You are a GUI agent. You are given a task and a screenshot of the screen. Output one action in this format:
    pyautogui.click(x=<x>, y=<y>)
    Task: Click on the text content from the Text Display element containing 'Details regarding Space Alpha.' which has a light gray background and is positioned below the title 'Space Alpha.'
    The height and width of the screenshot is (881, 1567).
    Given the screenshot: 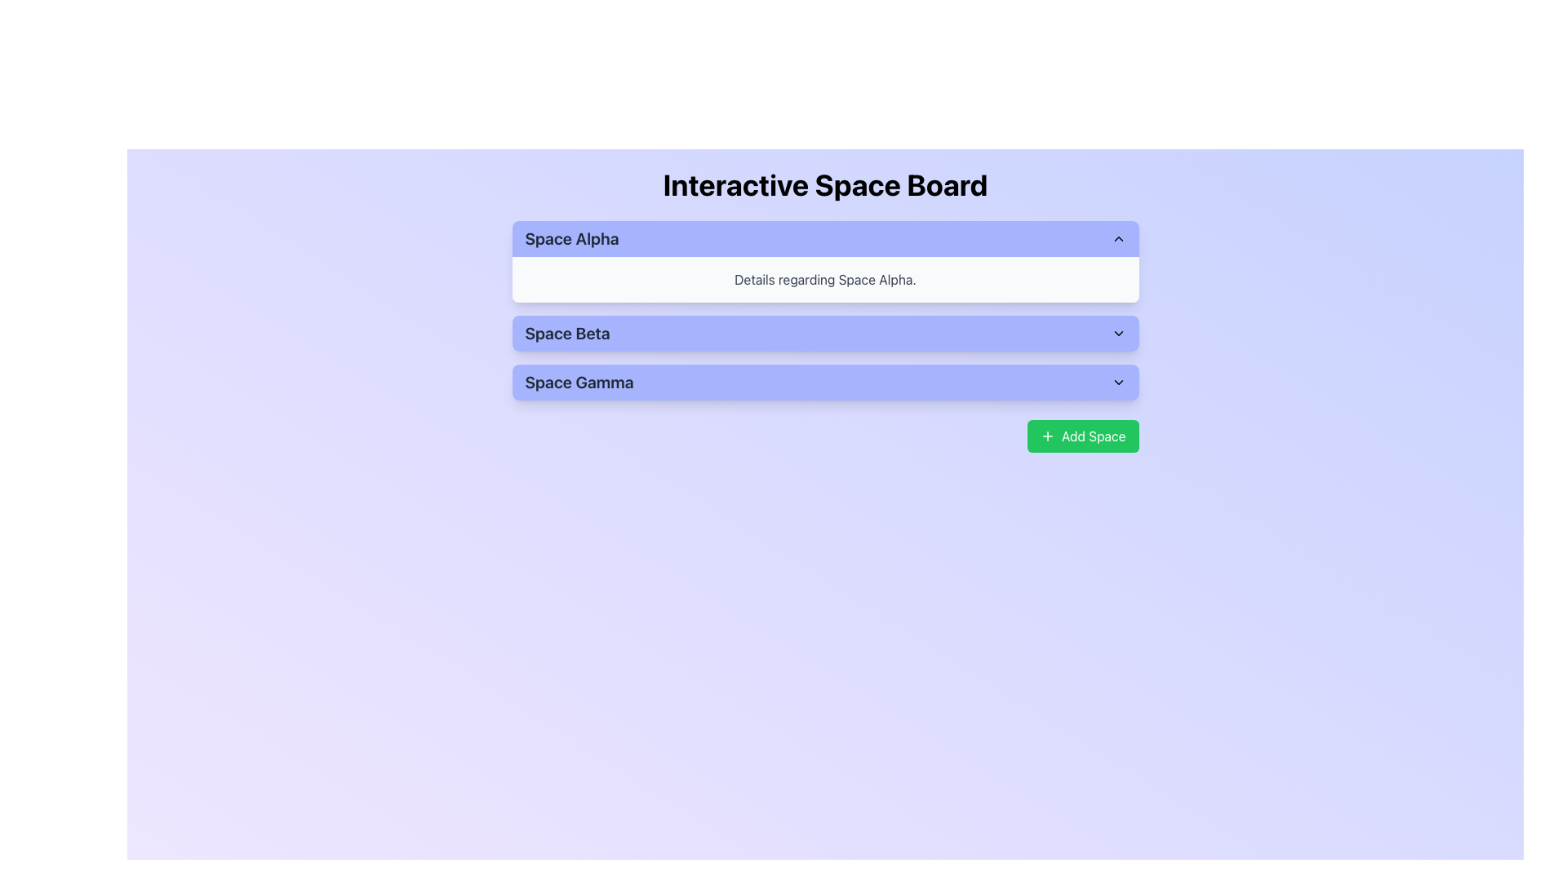 What is the action you would take?
    pyautogui.click(x=825, y=279)
    